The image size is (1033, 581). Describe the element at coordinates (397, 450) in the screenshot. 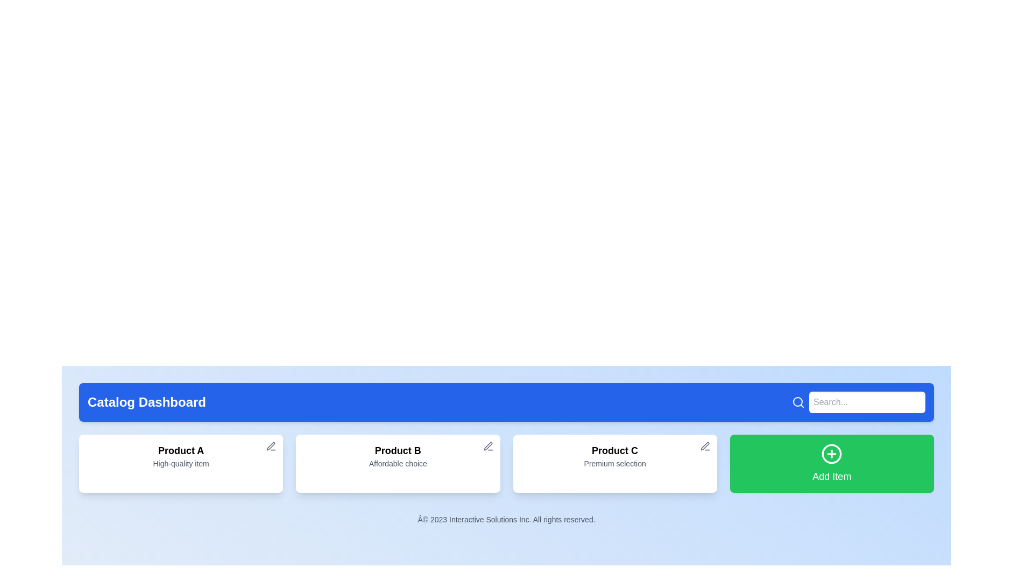

I see `title label for 'Product B' which is located at the center of the card labeled 'Product B Affordable choice'` at that location.